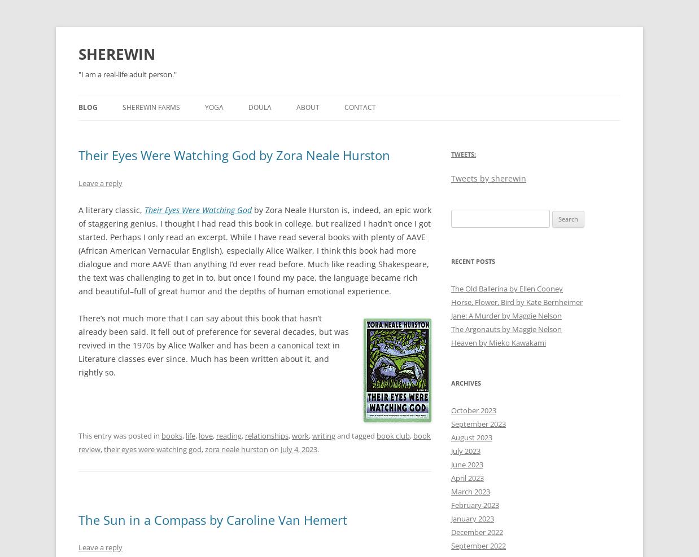  What do you see at coordinates (477, 532) in the screenshot?
I see `'December 2022'` at bounding box center [477, 532].